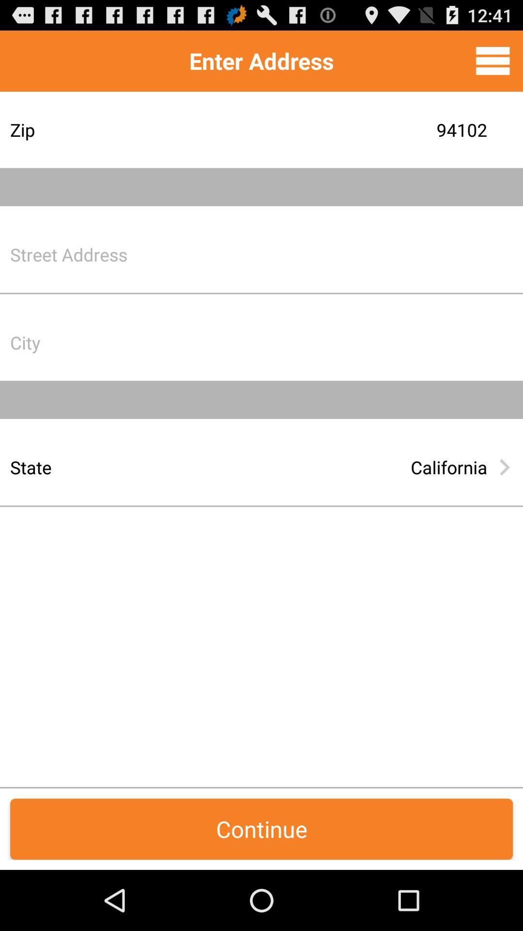  What do you see at coordinates (492, 60) in the screenshot?
I see `icon to the right of enter address item` at bounding box center [492, 60].